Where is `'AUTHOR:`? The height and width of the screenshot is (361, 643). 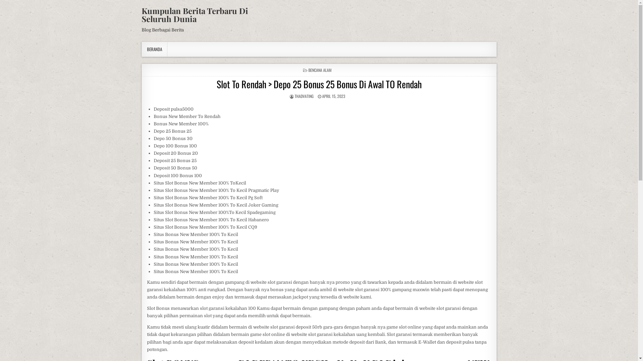
'AUTHOR: is located at coordinates (303, 96).